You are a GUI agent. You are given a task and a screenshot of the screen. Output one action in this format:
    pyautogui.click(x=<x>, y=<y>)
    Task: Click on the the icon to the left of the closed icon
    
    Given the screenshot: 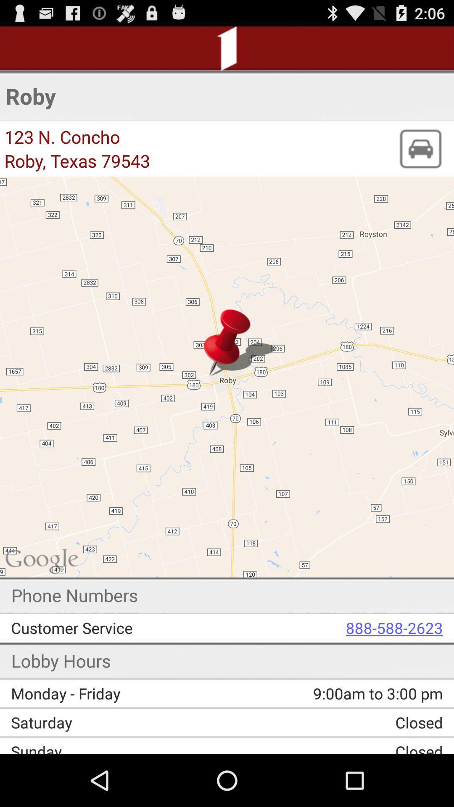 What is the action you would take?
    pyautogui.click(x=122, y=722)
    